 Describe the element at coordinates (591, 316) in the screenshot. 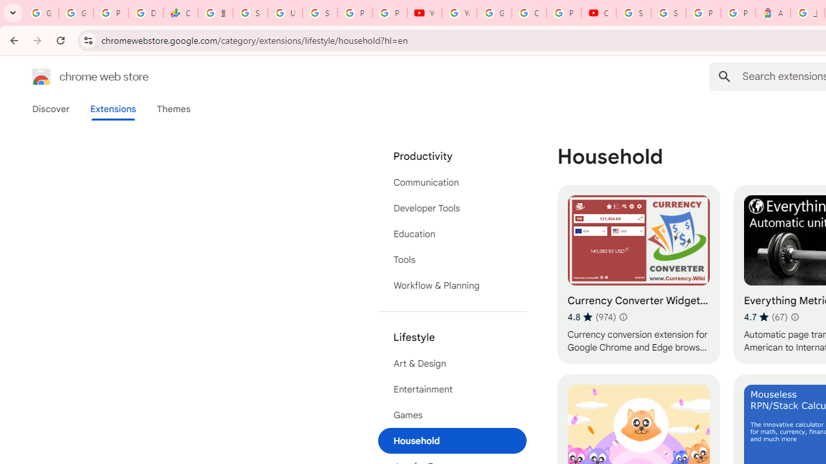

I see `'Average rating 4.8 out of 5 stars. 974 ratings.'` at that location.